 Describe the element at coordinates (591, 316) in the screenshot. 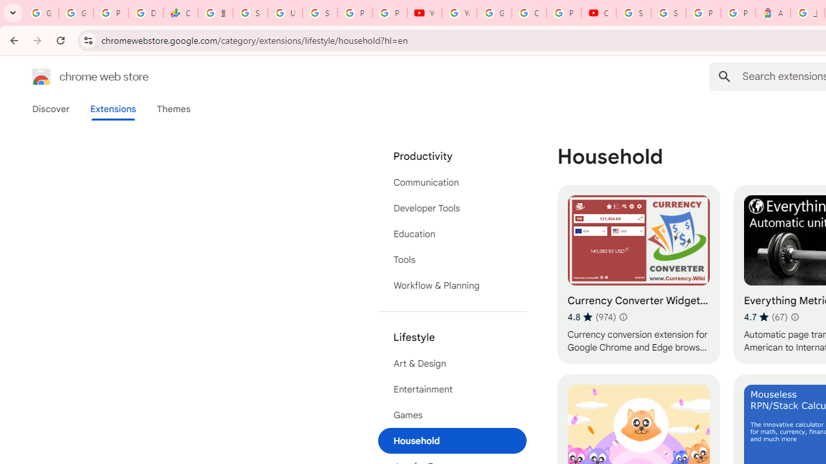

I see `'Average rating 4.8 out of 5 stars. 974 ratings.'` at that location.